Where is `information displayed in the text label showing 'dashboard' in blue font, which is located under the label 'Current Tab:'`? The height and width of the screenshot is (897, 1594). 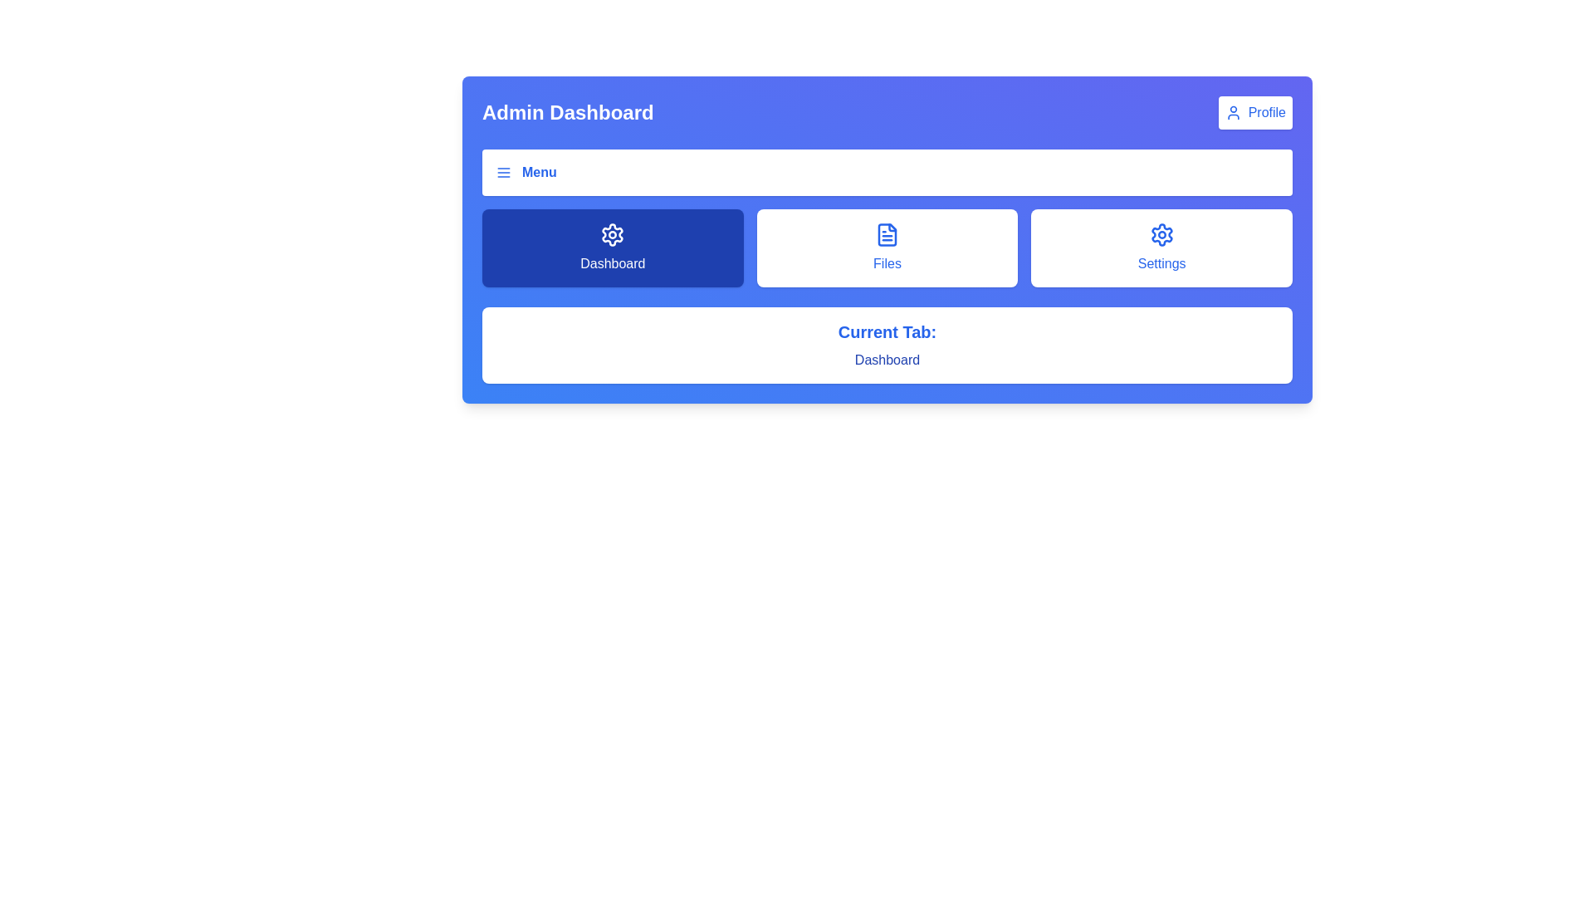
information displayed in the text label showing 'dashboard' in blue font, which is located under the label 'Current Tab:' is located at coordinates (887, 360).